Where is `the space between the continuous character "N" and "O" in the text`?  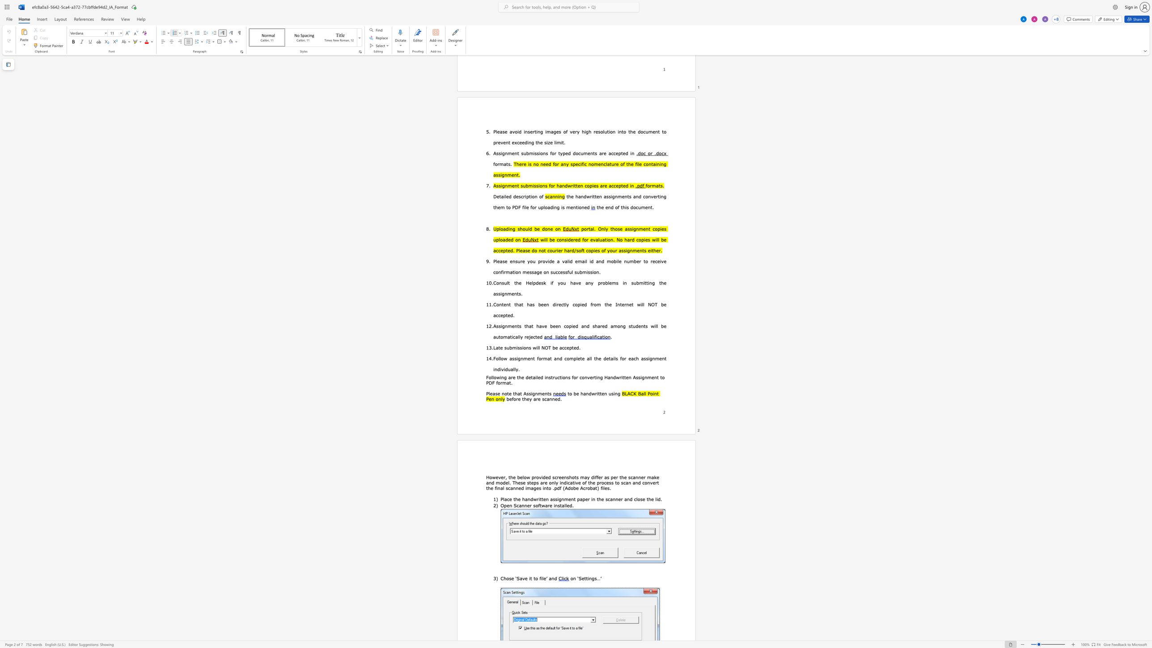
the space between the continuous character "N" and "O" in the text is located at coordinates (545, 347).